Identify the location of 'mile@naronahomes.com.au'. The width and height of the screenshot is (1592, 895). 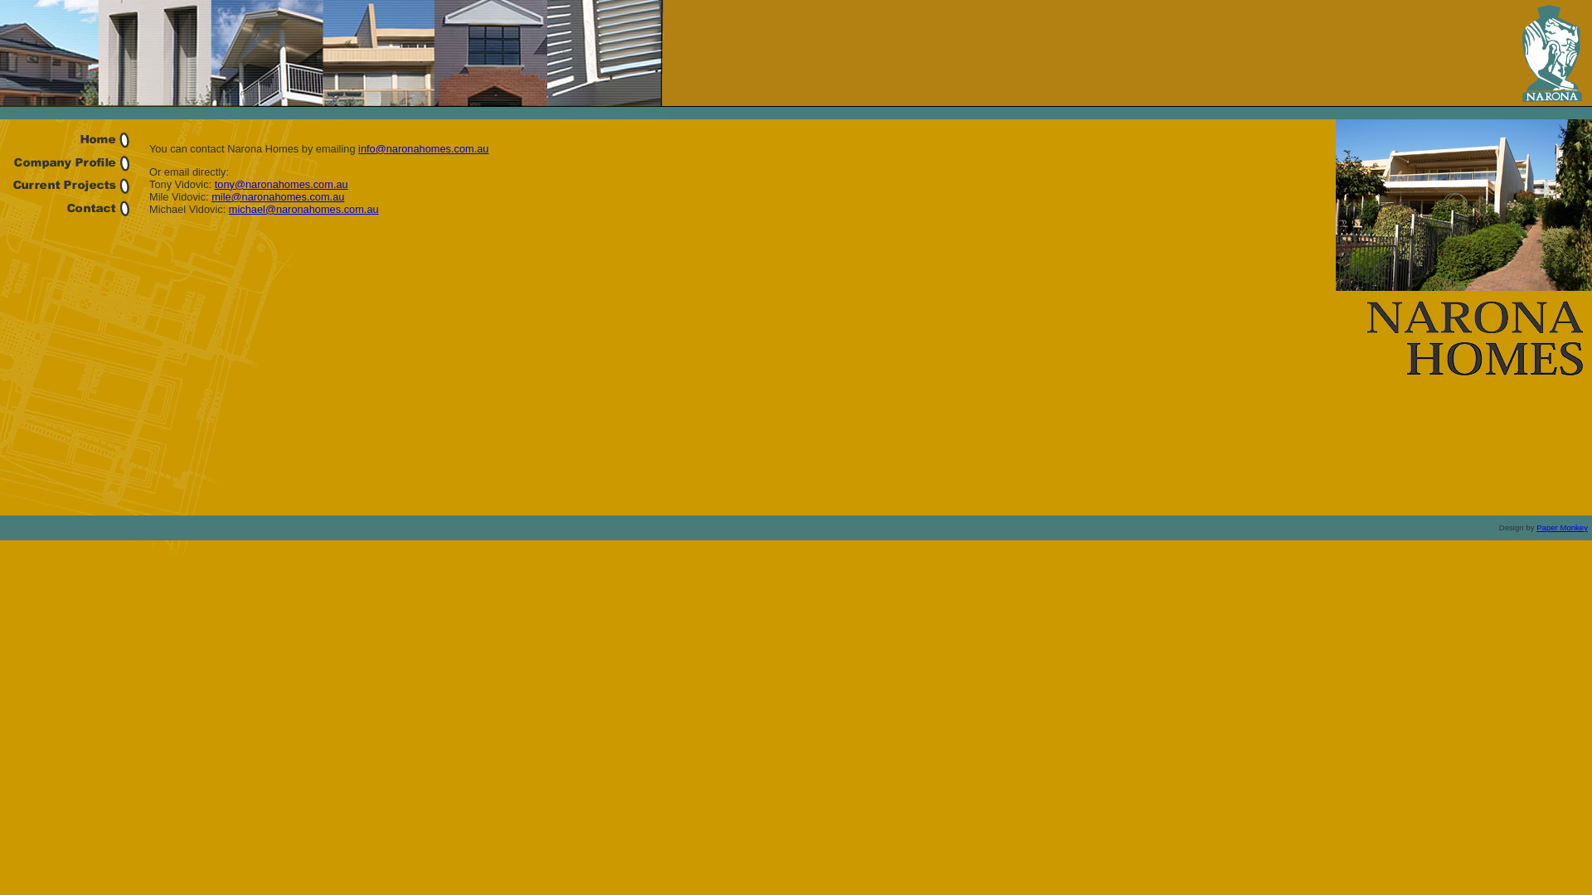
(278, 196).